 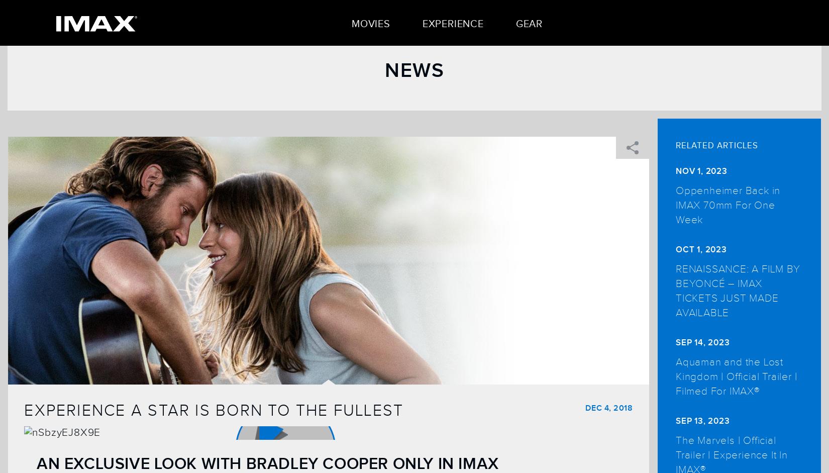 I want to click on 'Aquaman and the Lost Kingdom | Official Trailer | Filmed For IMAX®', so click(x=736, y=376).